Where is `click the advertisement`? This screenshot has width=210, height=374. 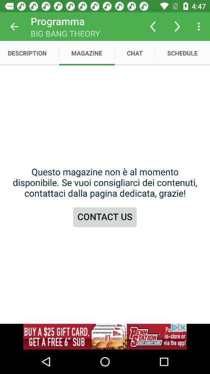 click the advertisement is located at coordinates (105, 336).